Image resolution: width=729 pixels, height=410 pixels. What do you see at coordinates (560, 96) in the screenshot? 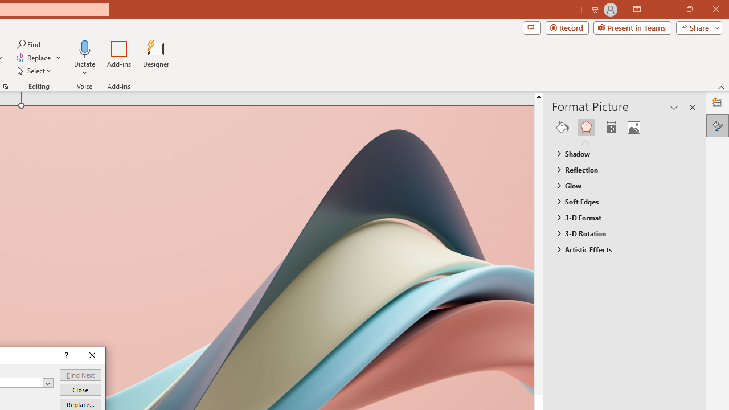
I see `'Line up'` at bounding box center [560, 96].